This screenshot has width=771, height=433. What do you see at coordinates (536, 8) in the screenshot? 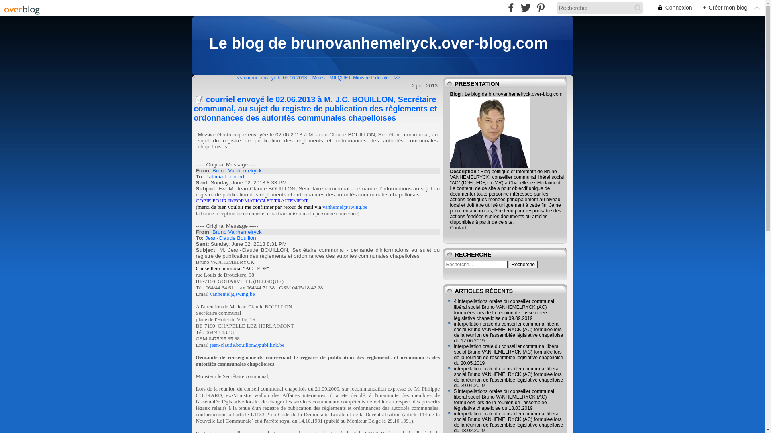
I see `' pinterest'` at bounding box center [536, 8].